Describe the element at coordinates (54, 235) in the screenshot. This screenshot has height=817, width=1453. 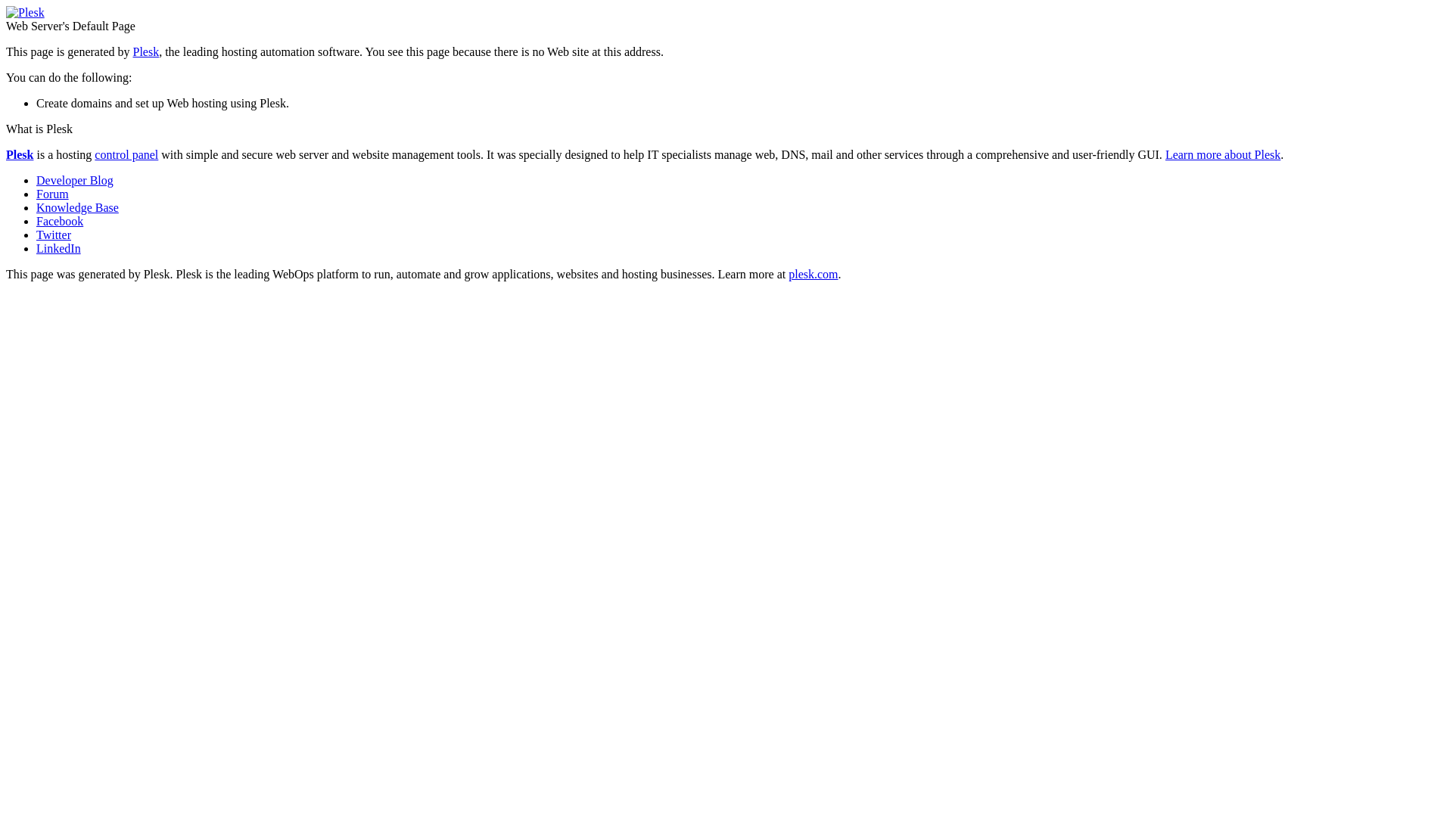
I see `'Twitter'` at that location.